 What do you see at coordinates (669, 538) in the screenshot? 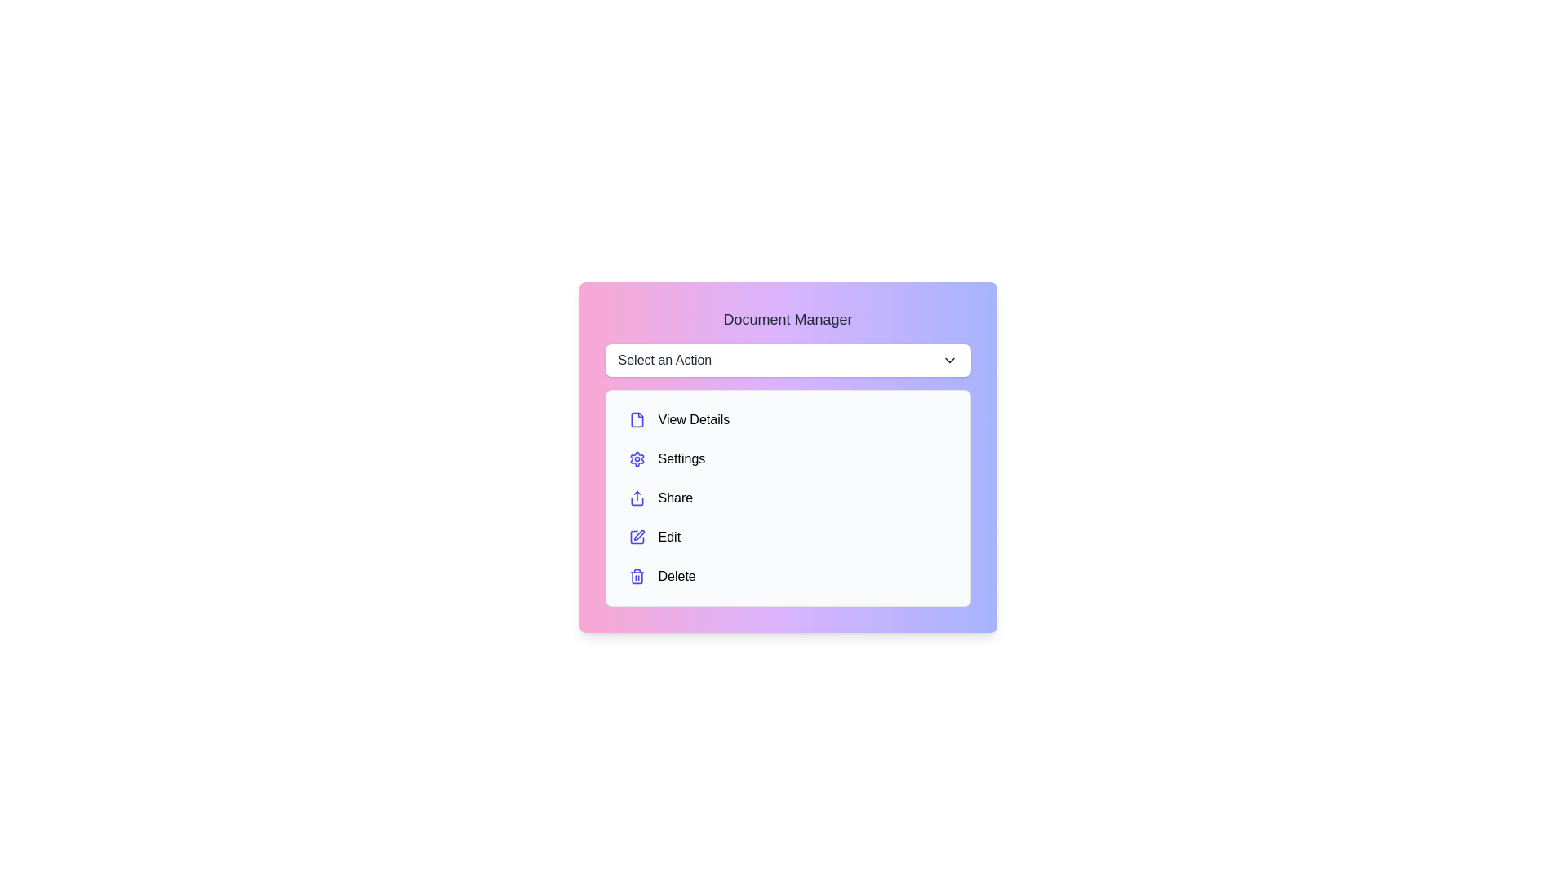
I see `the 'Edit' label` at bounding box center [669, 538].